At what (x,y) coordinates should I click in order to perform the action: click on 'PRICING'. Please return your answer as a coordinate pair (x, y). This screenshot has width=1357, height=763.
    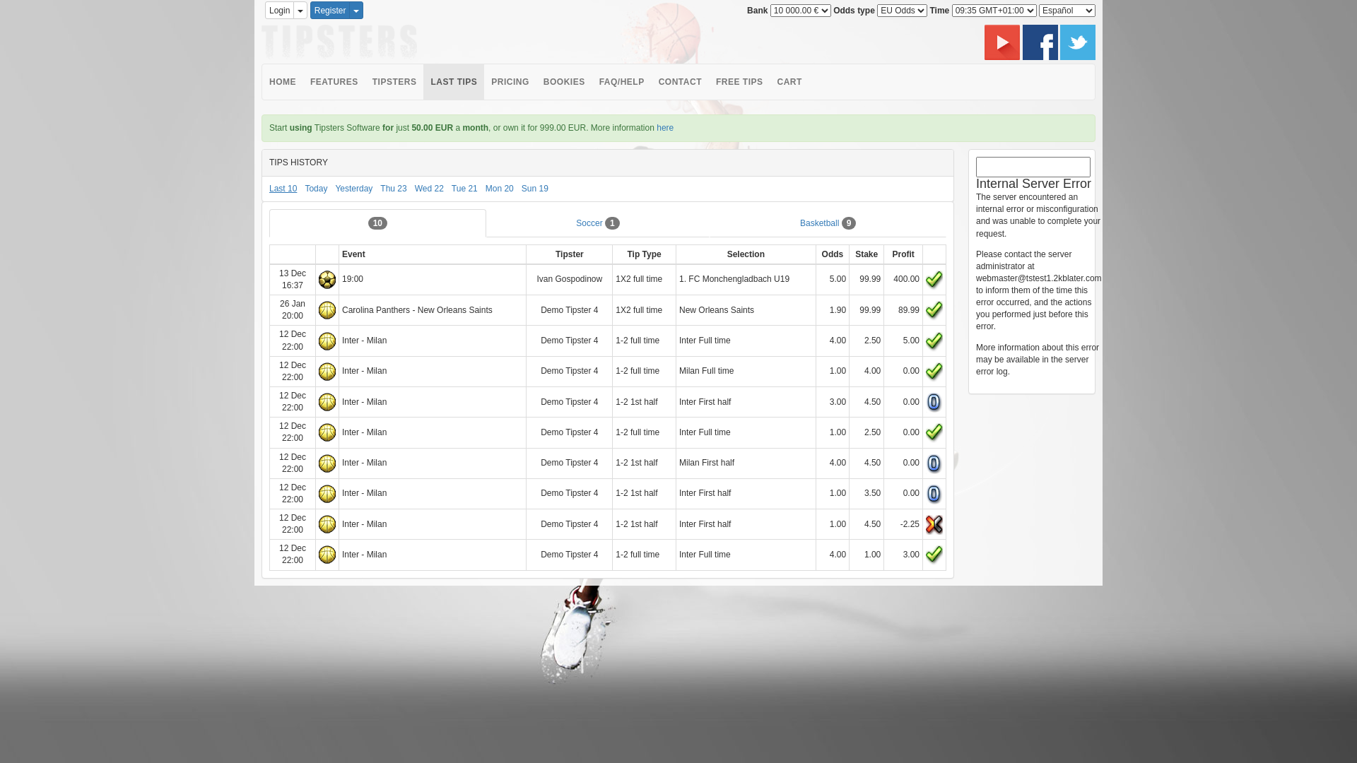
    Looking at the image, I should click on (509, 81).